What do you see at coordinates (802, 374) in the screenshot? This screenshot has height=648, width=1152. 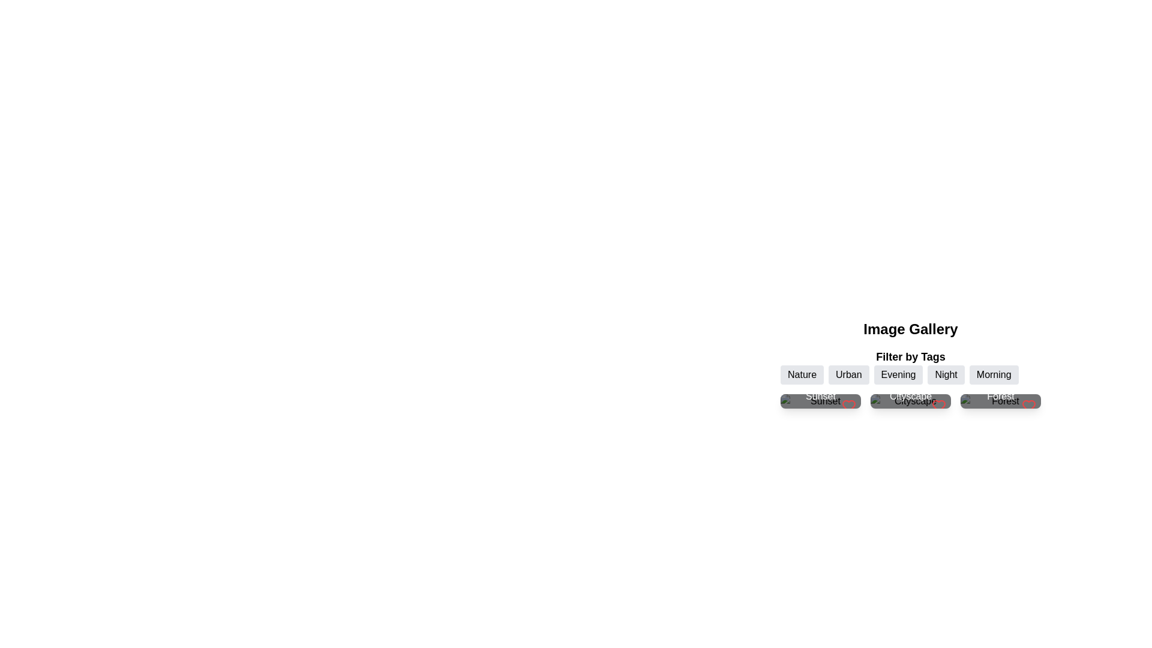 I see `the 'Nature' button, which is the first clickable tag in the 'Filter by Tags' section` at bounding box center [802, 374].